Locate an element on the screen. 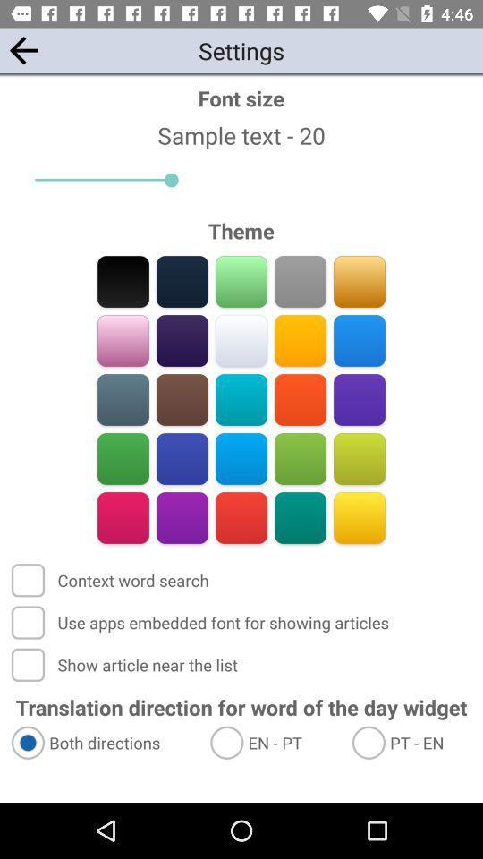 The width and height of the screenshot is (483, 859). change theme to pink is located at coordinates (123, 517).